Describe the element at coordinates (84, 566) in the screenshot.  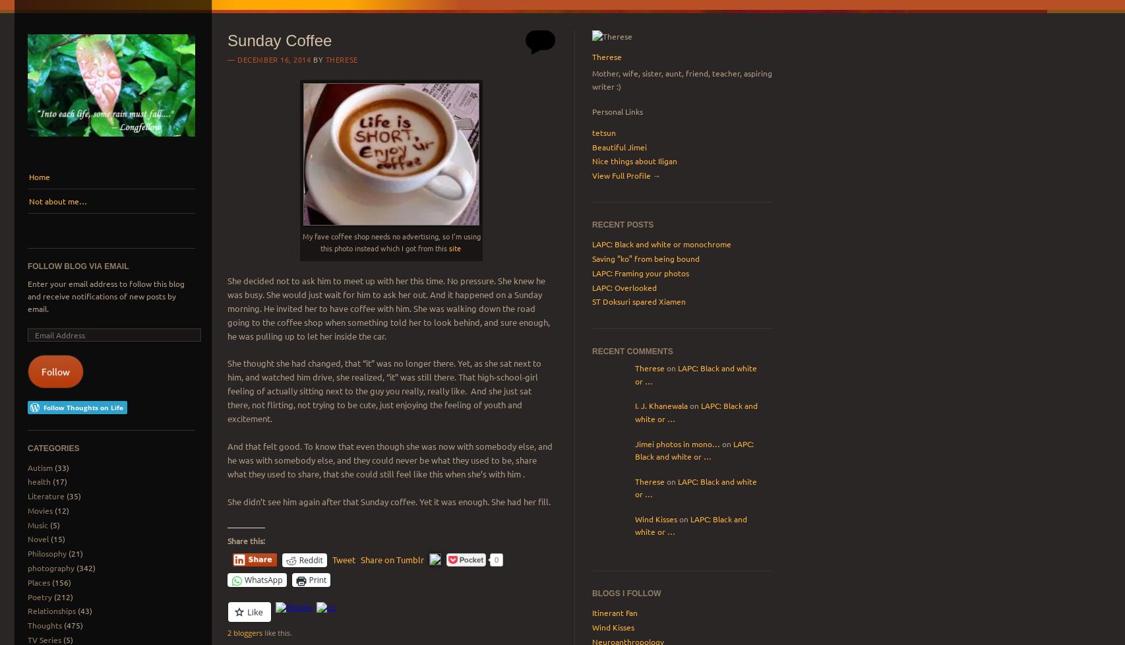
I see `'(342)'` at that location.